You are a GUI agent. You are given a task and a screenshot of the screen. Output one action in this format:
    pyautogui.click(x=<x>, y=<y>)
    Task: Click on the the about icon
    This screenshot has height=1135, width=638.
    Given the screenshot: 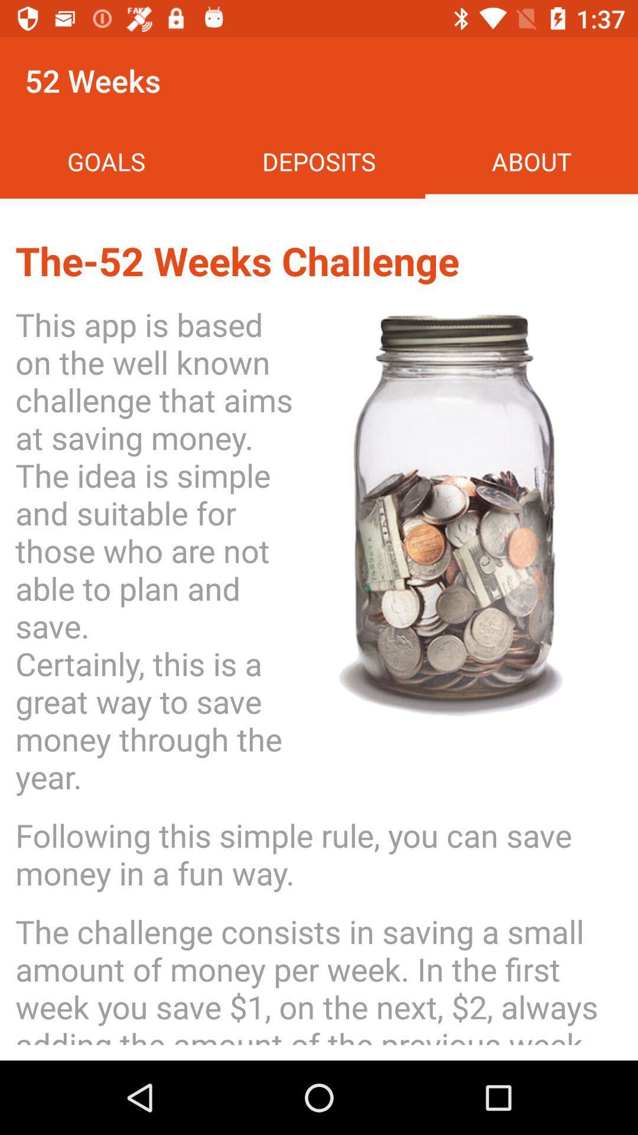 What is the action you would take?
    pyautogui.click(x=530, y=161)
    